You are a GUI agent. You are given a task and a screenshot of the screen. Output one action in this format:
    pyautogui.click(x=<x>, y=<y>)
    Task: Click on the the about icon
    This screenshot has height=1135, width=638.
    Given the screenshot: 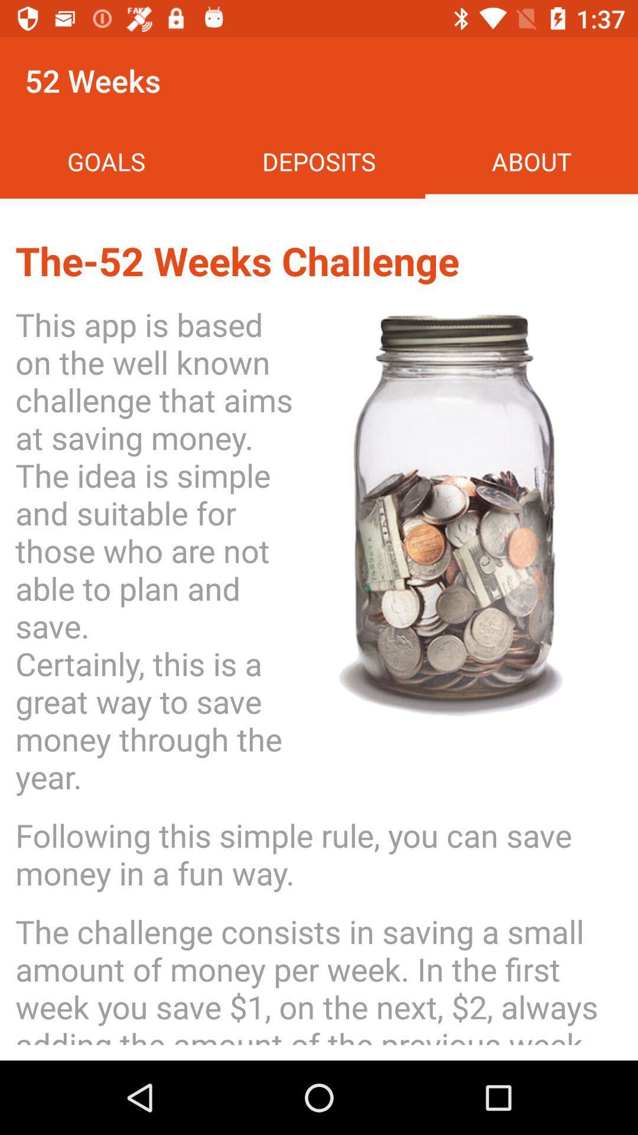 What is the action you would take?
    pyautogui.click(x=530, y=161)
    